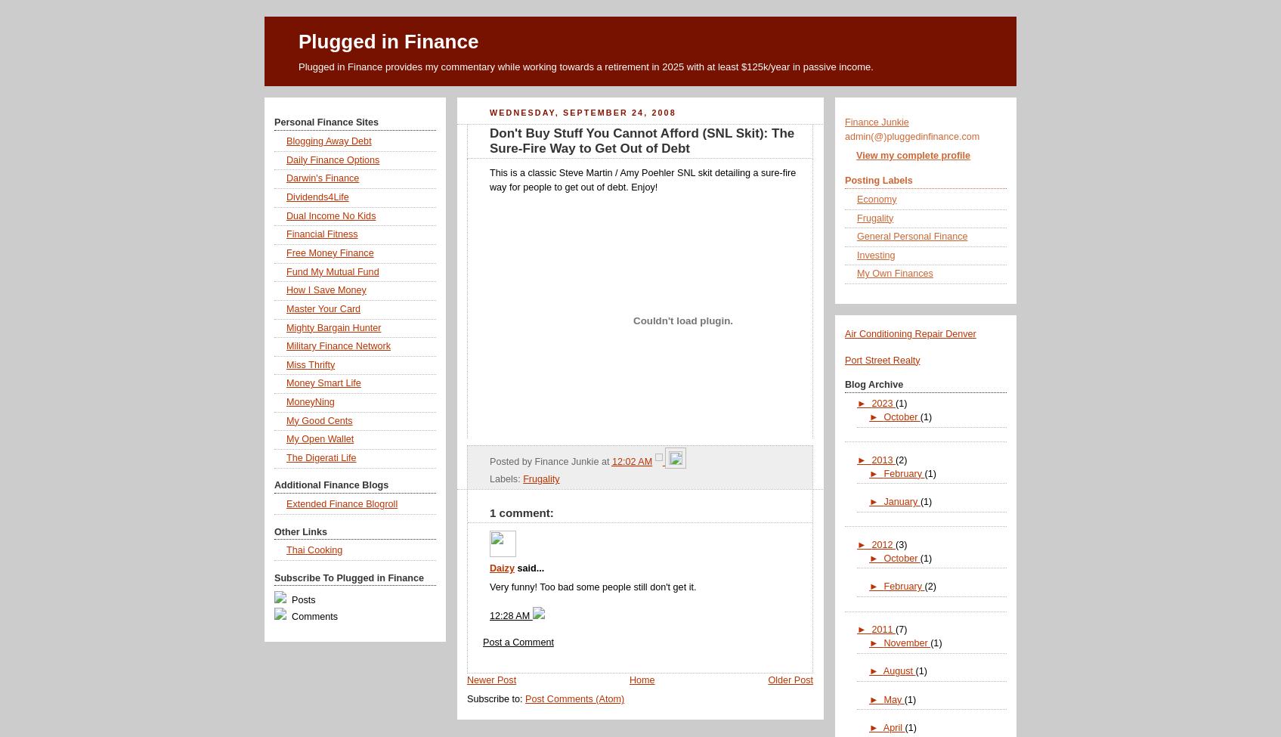  I want to click on 'Dual Income No Kids', so click(330, 215).